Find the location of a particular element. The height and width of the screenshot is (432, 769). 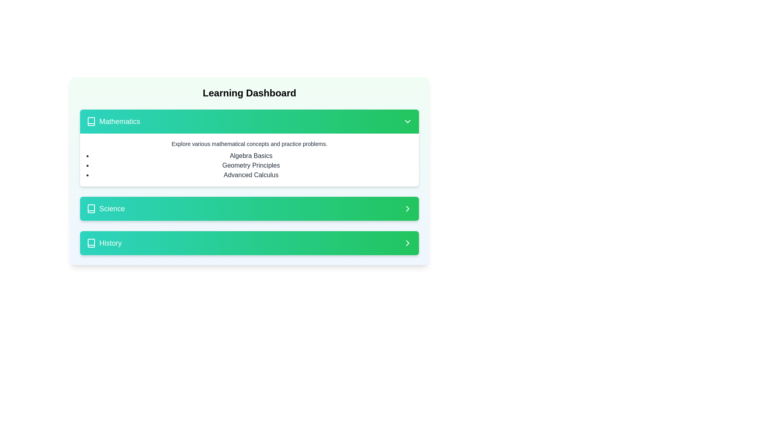

the Chevron Right icon, which is a simple arrow icon pointing to the right, located in the 'History' section of the interface is located at coordinates (407, 243).